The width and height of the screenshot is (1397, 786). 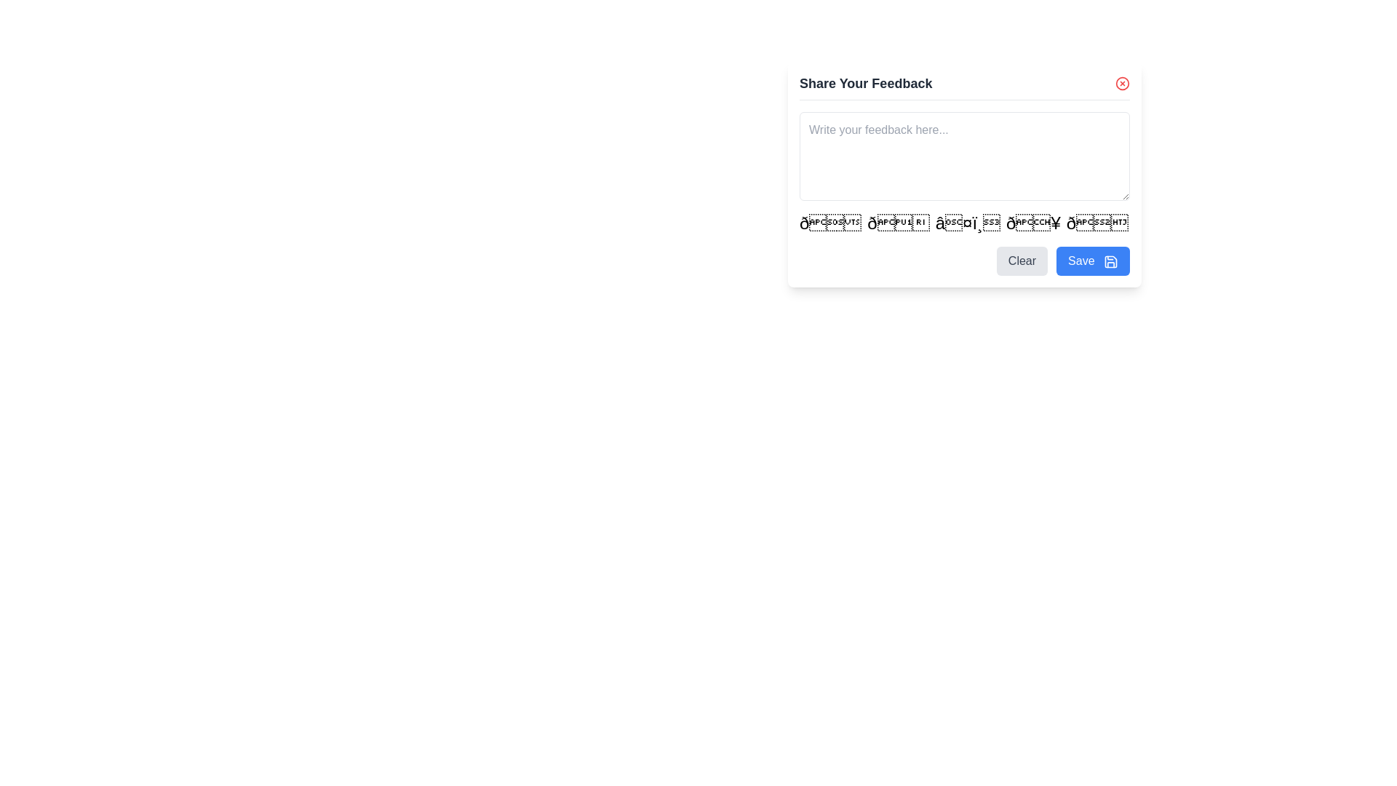 I want to click on on the red circular icon with a white cross located at the top-right corner of the 'Share Your Feedback' section, so click(x=1121, y=84).